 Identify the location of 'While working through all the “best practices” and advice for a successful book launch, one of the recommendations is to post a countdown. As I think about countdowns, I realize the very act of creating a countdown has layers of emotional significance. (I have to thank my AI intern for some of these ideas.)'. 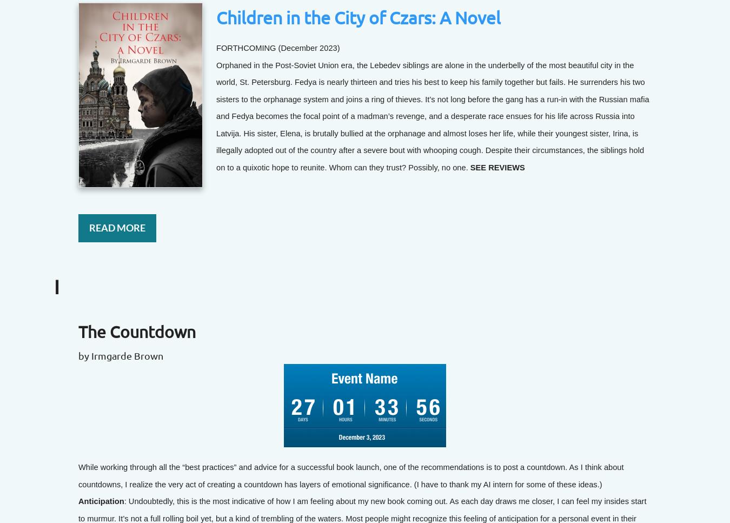
(350, 475).